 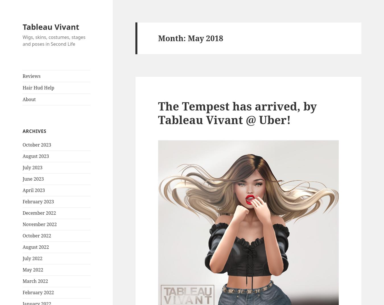 What do you see at coordinates (29, 99) in the screenshot?
I see `'About'` at bounding box center [29, 99].